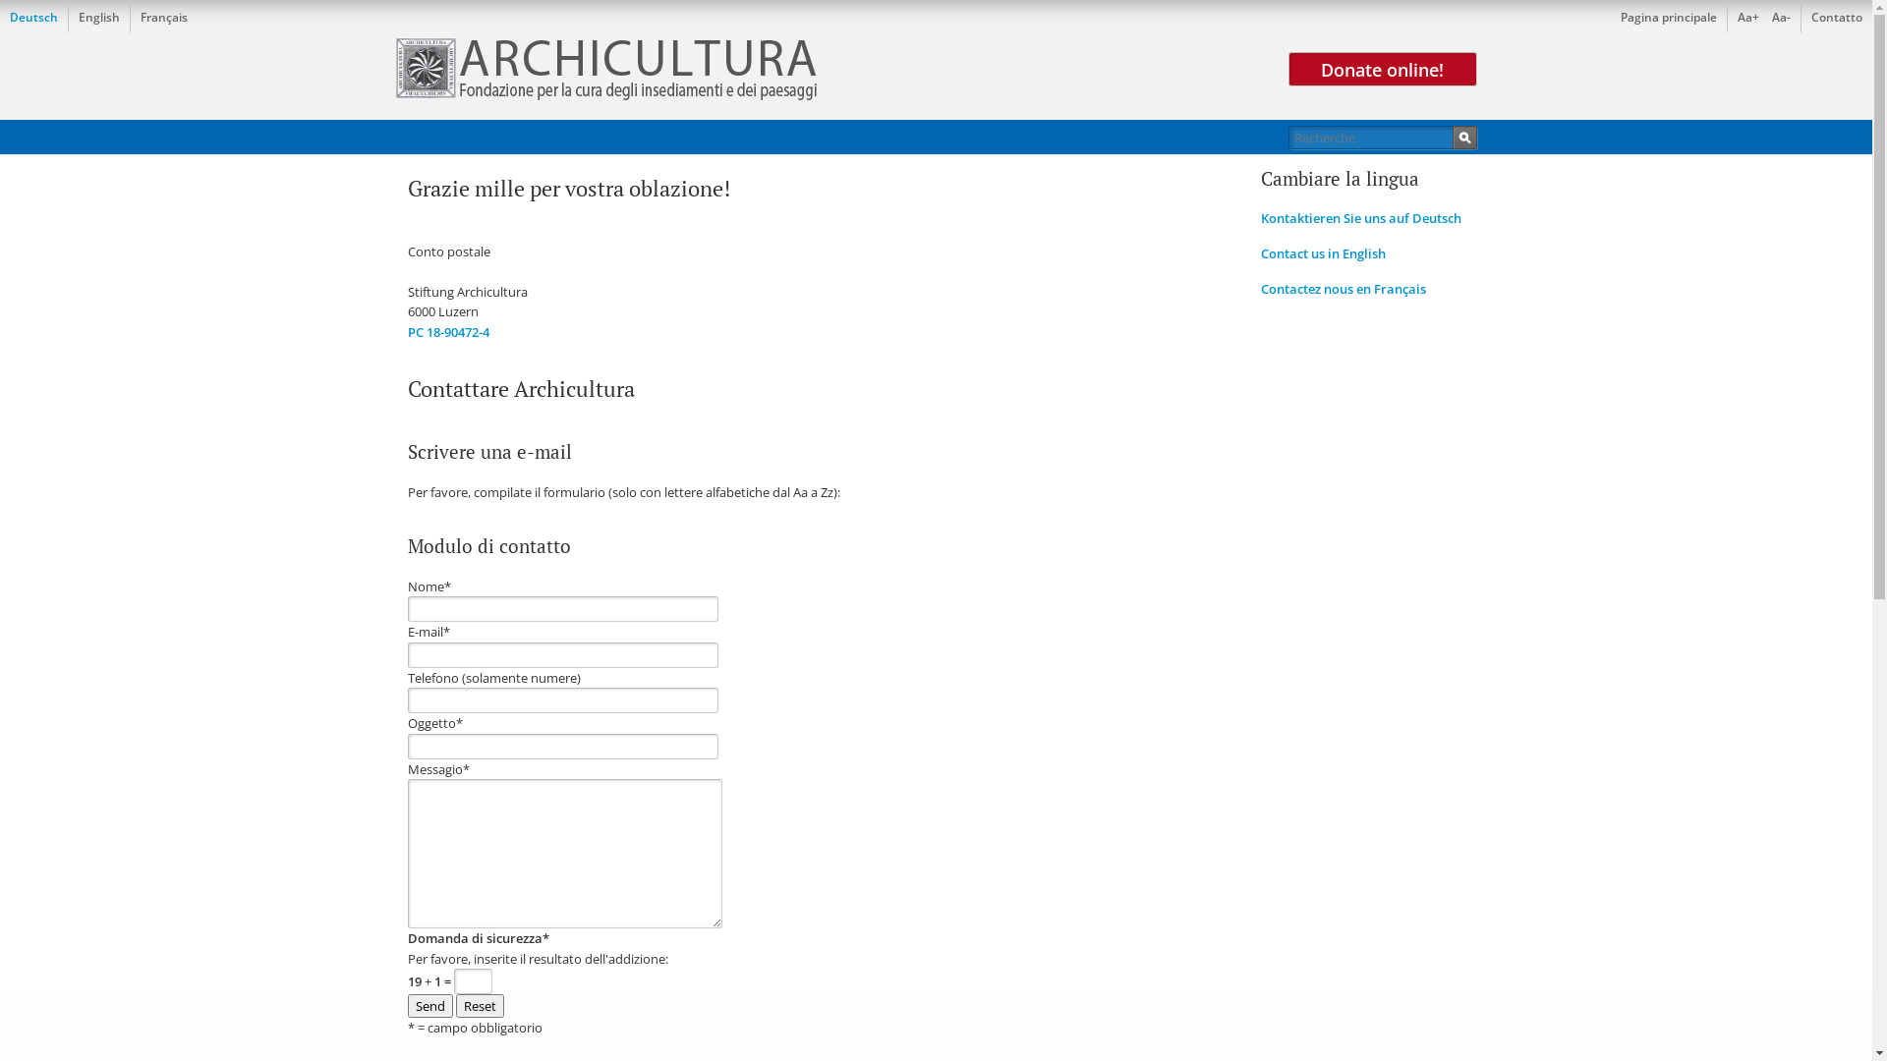 This screenshot has width=1887, height=1061. I want to click on 'Kontaktieren Sie uns auf Deutsch', so click(1358, 218).